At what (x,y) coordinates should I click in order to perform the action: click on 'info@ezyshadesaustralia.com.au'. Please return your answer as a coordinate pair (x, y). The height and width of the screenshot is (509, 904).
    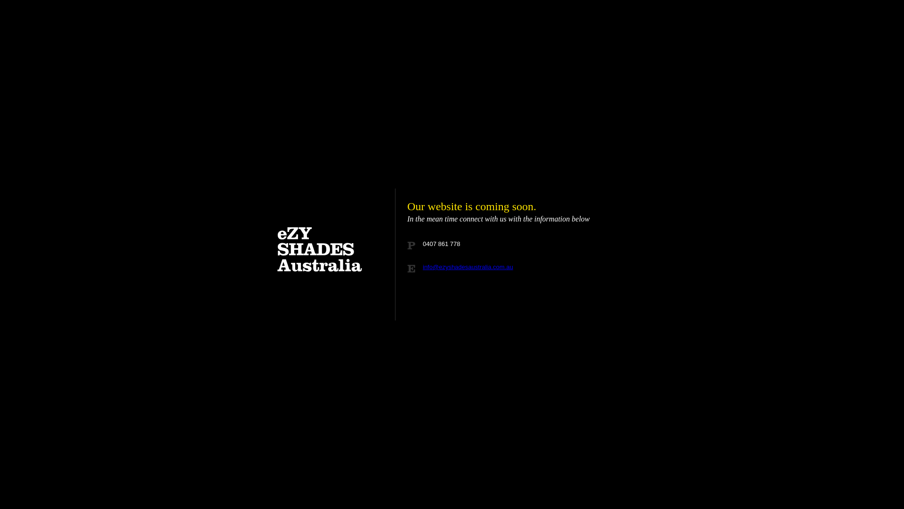
    Looking at the image, I should click on (468, 267).